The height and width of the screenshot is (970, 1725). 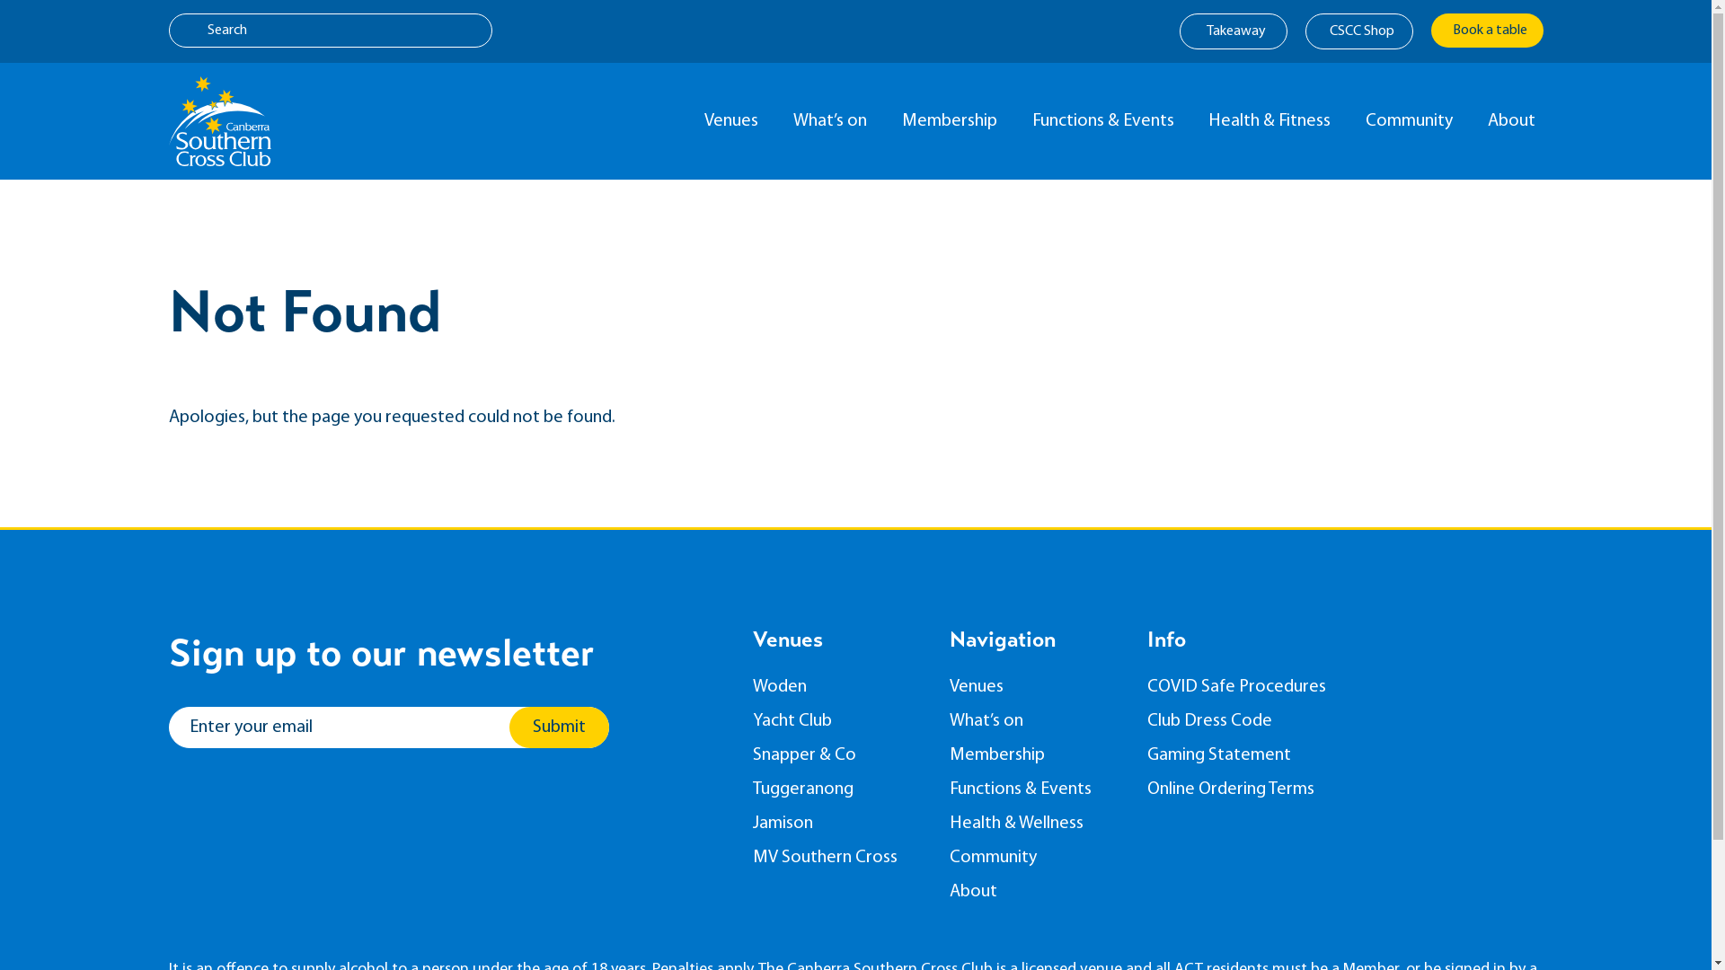 I want to click on 'Woden', so click(x=753, y=686).